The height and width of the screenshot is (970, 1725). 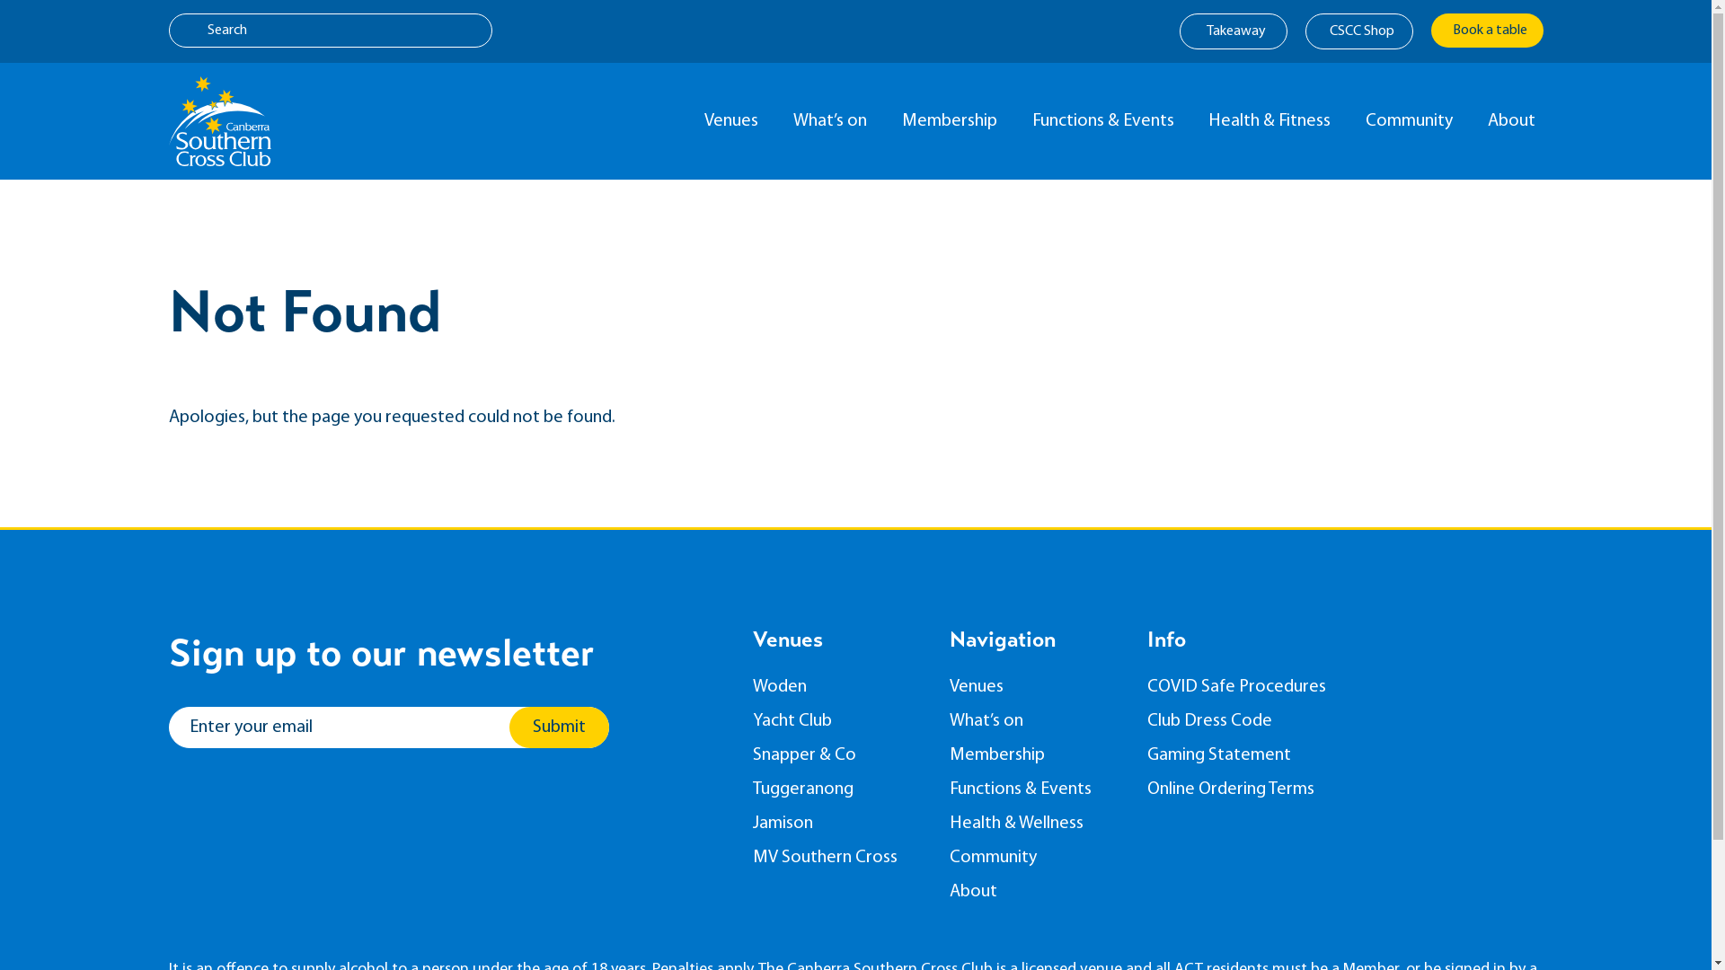 I want to click on 'Woden', so click(x=753, y=686).